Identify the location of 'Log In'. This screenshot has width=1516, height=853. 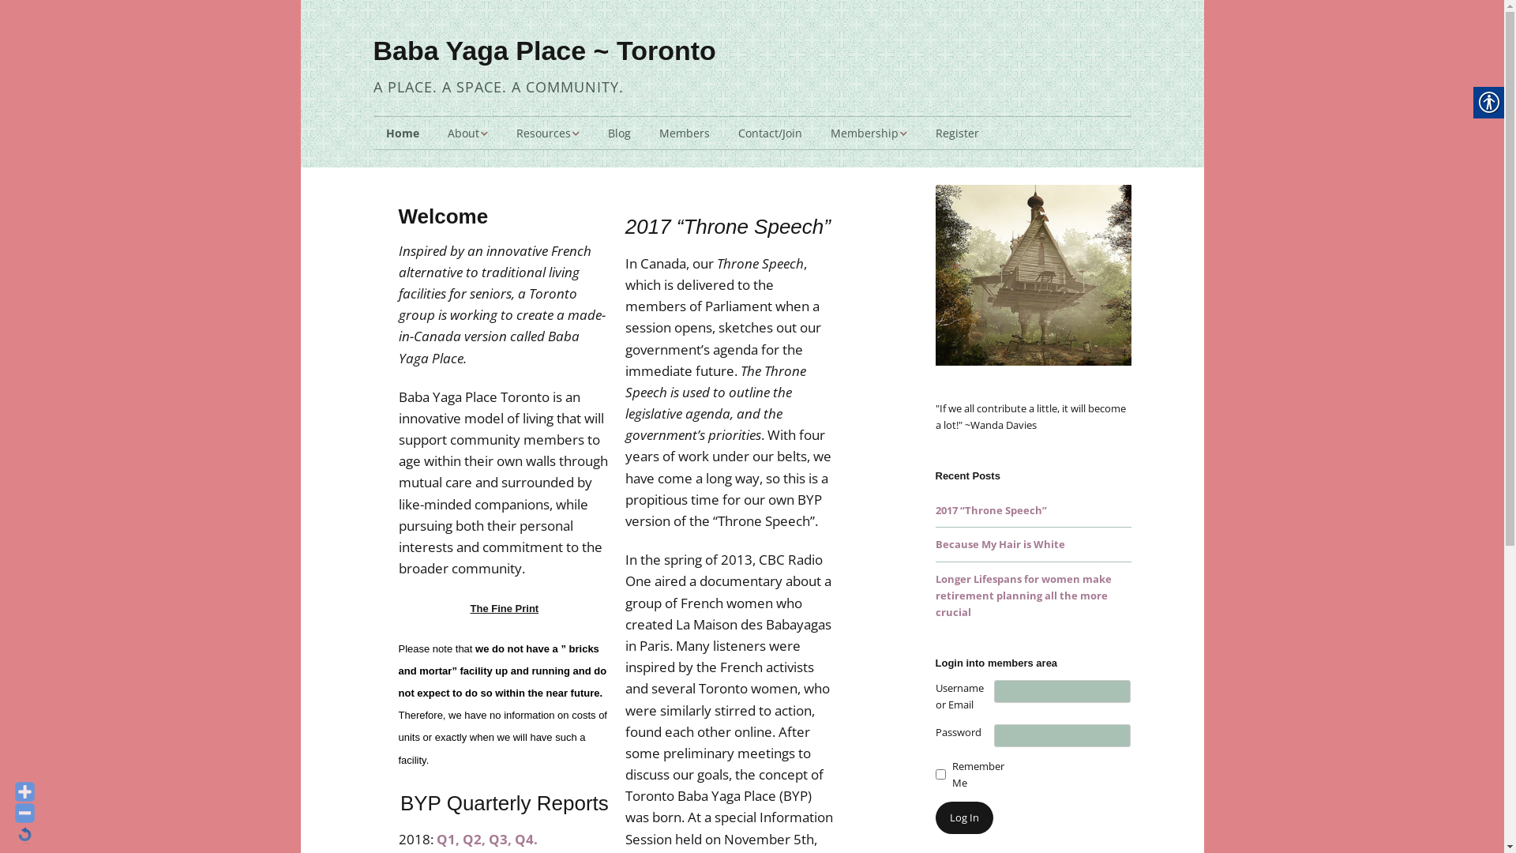
(935, 817).